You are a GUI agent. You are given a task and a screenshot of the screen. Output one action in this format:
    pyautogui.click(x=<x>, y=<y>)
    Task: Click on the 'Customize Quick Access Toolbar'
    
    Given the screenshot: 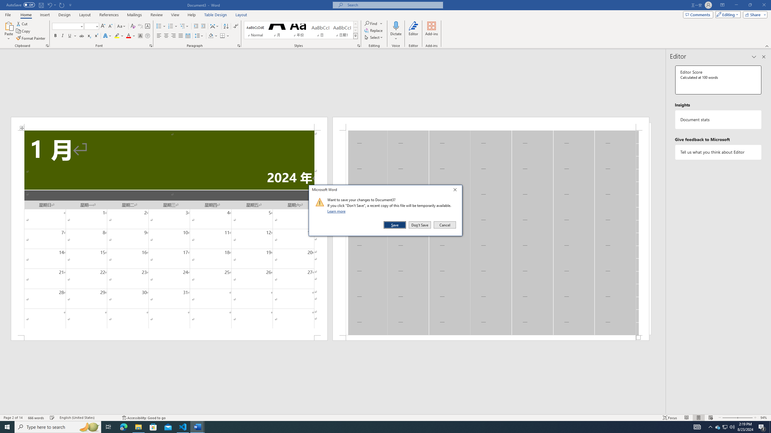 What is the action you would take?
    pyautogui.click(x=70, y=5)
    